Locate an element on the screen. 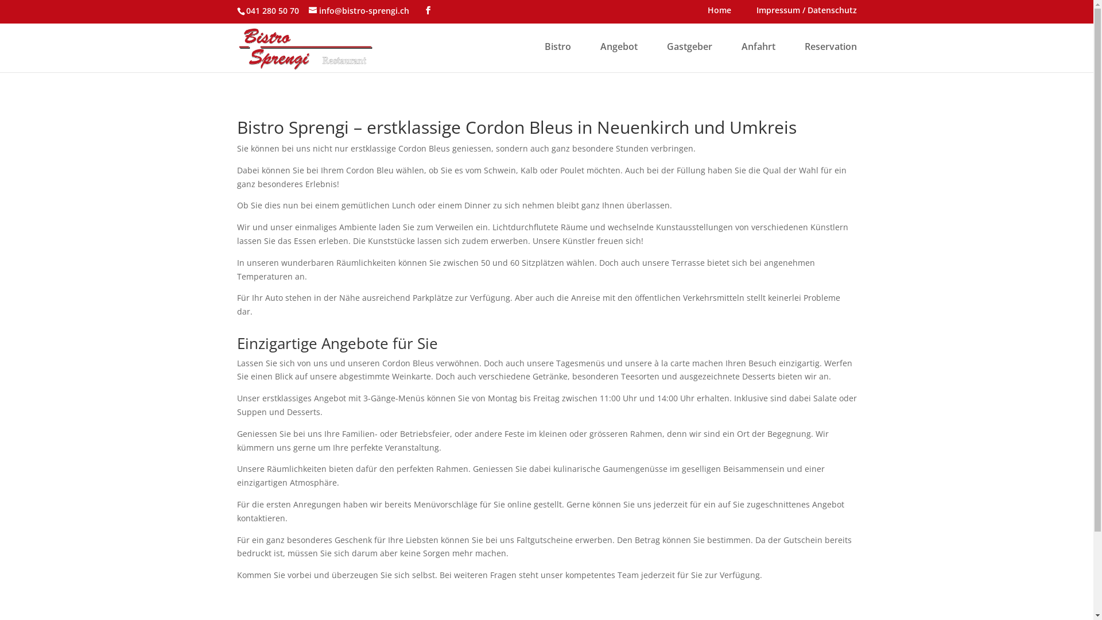 This screenshot has height=620, width=1102. 'info@bistro-sprengi.ch' is located at coordinates (358, 10).